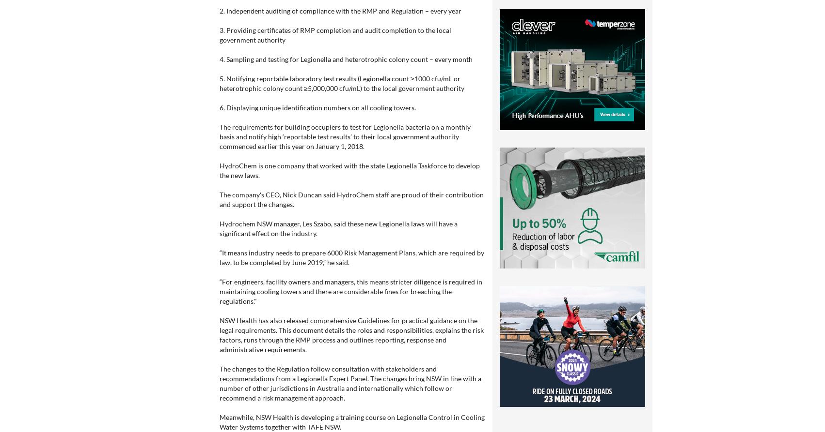  Describe the element at coordinates (344, 136) in the screenshot. I see `'The requirements for building occupiers to test for Legionella bacteria on a monthly basis and notify high ‘reportable test results’ to their local government authority commenced earlier this year on January 1, 2018.'` at that location.